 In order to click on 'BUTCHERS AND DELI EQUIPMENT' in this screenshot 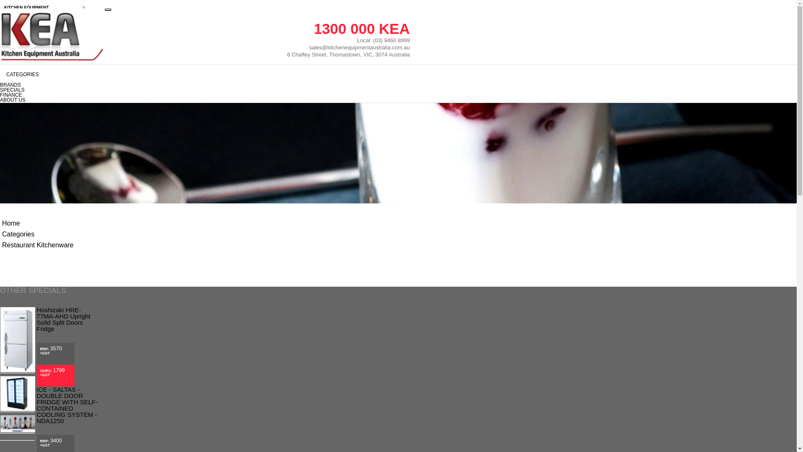, I will do `click(46, 23)`.